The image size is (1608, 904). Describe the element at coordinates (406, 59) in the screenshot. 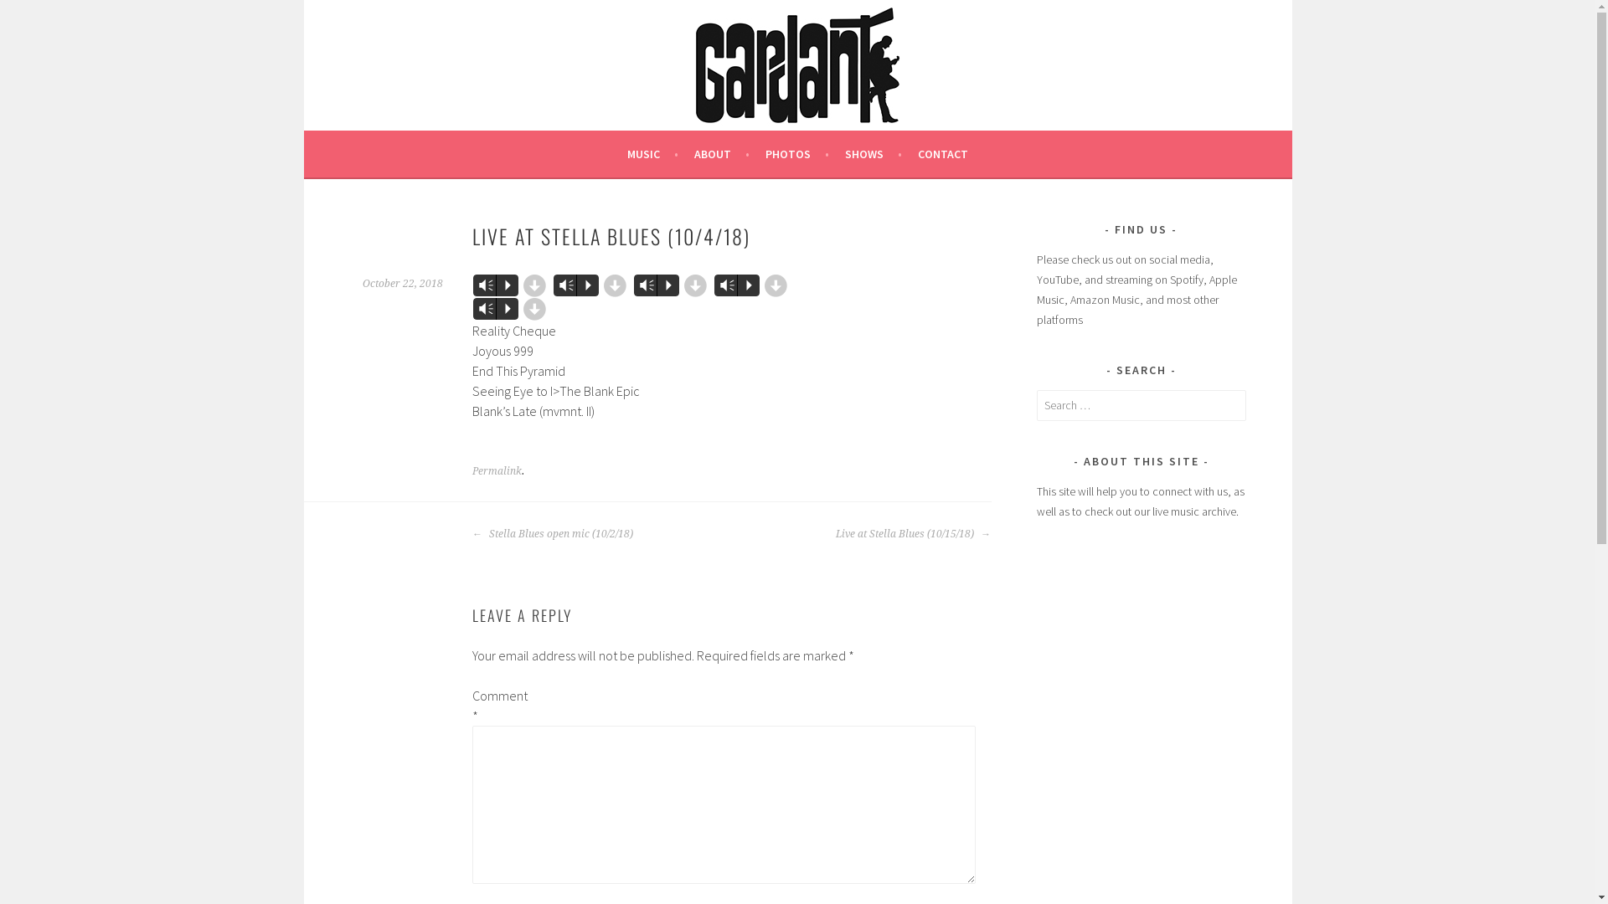

I see `'GARDANT'` at that location.